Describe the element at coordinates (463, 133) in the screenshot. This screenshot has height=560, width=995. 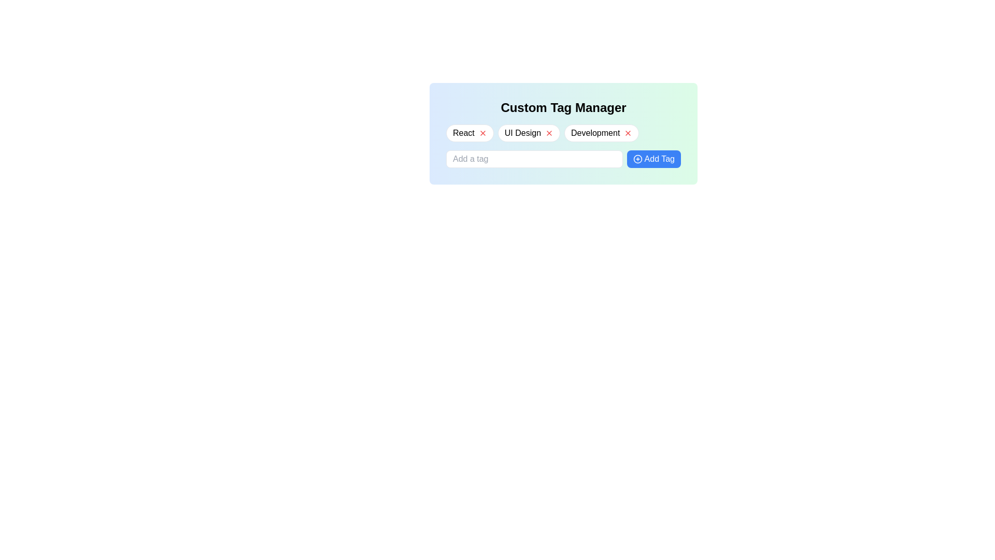
I see `the text label displaying the word 'React' which is located in the first tag pill in the tag bar below the 'Custom Tag Manager' heading` at that location.